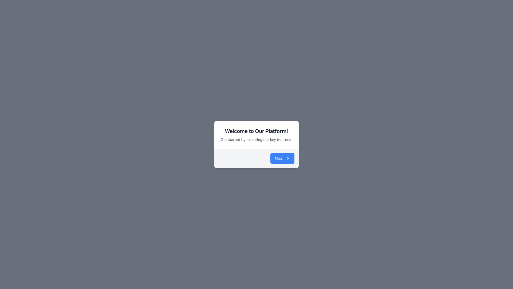  What do you see at coordinates (282, 158) in the screenshot?
I see `the 'Next' button with a blue background and white text located at the bottom right corner of the modal dialog box to proceed` at bounding box center [282, 158].